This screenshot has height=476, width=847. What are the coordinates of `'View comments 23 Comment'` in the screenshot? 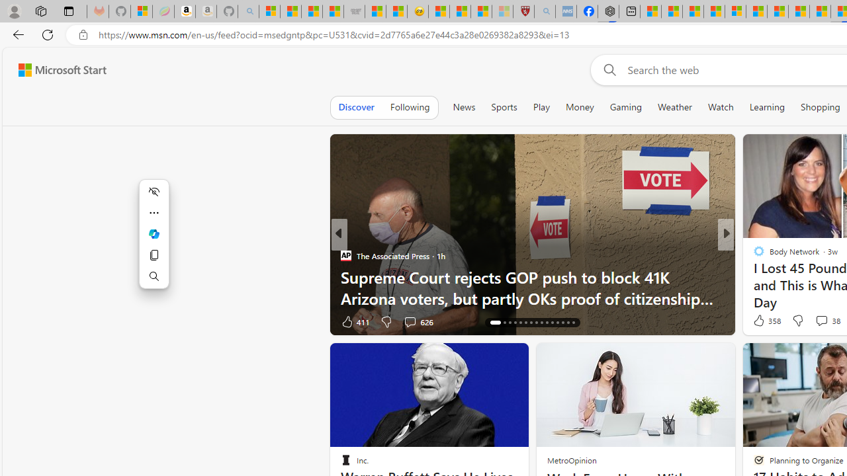 It's located at (817, 321).